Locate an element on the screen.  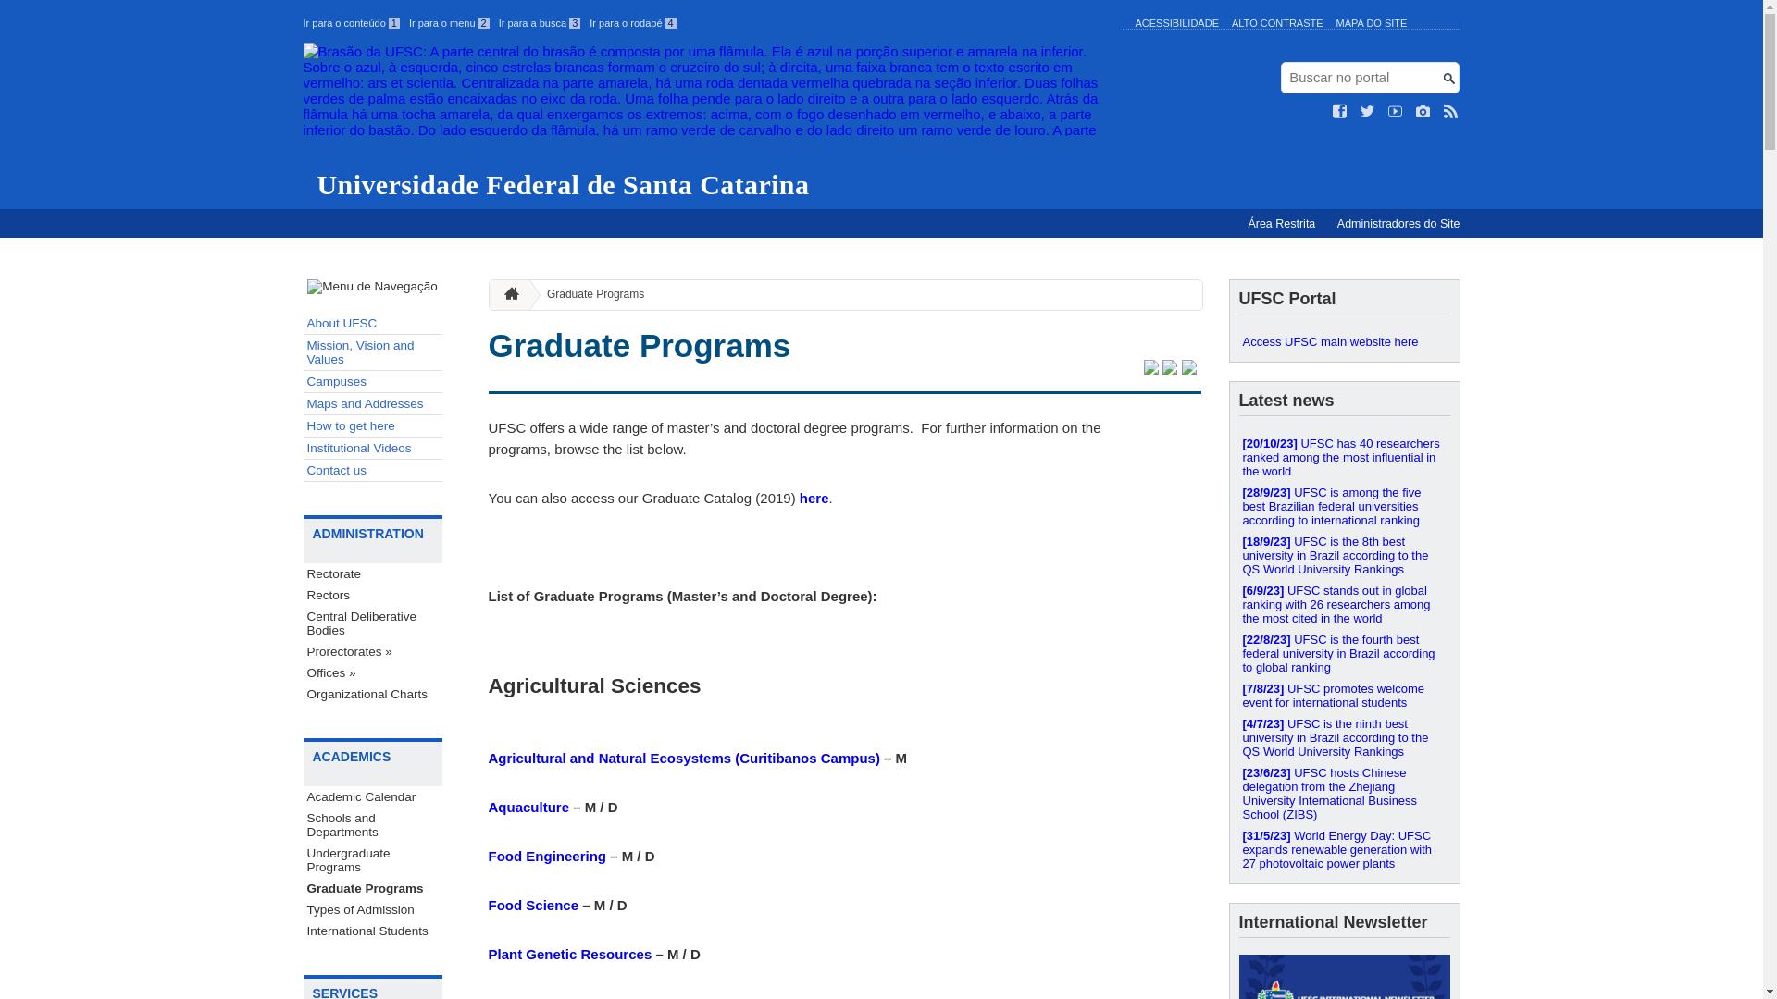
'International Students' is located at coordinates (372, 931).